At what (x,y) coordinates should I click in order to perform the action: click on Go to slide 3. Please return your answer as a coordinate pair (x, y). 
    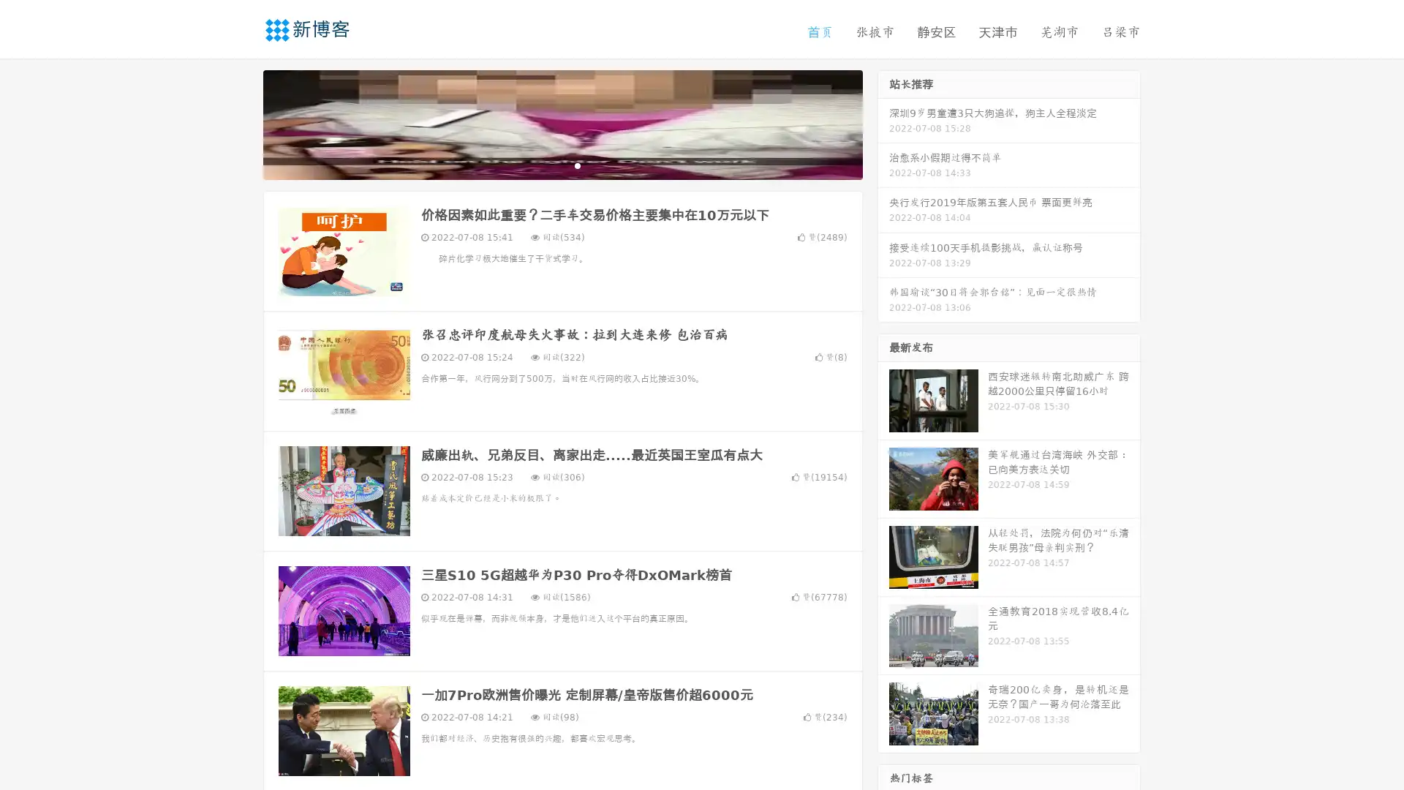
    Looking at the image, I should click on (577, 165).